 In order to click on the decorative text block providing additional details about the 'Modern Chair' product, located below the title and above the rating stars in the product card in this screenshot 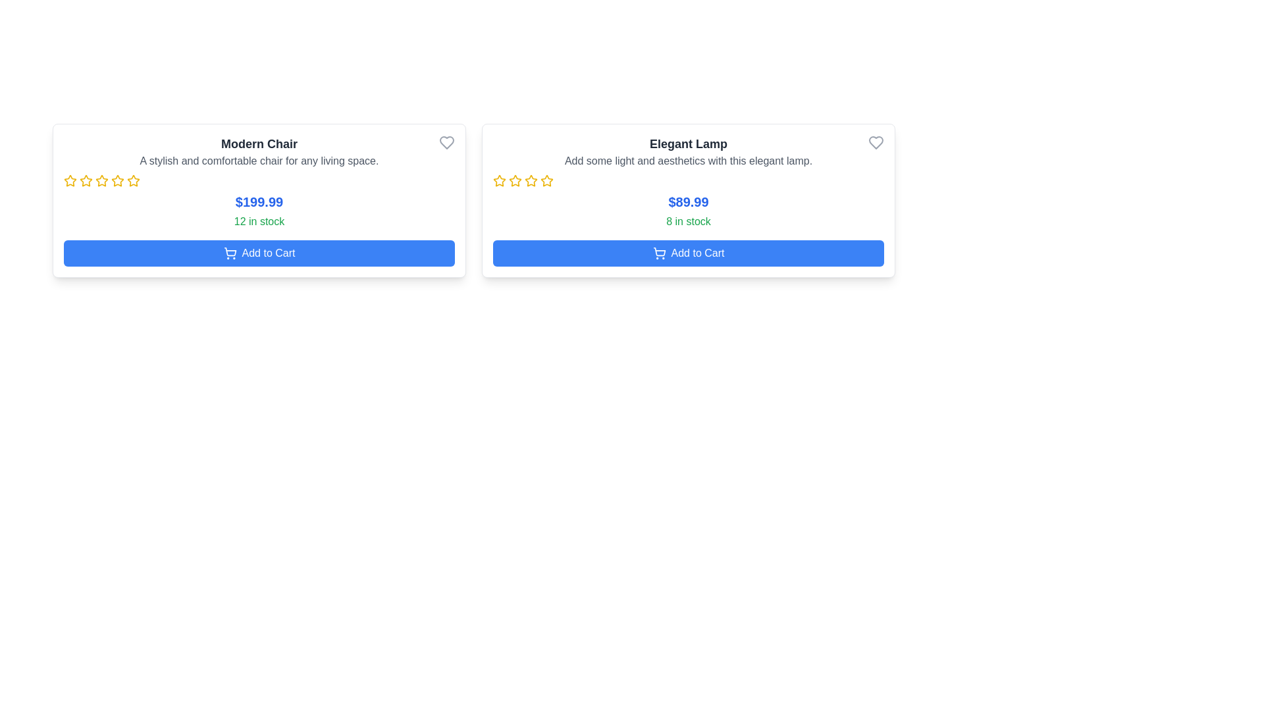, I will do `click(259, 161)`.